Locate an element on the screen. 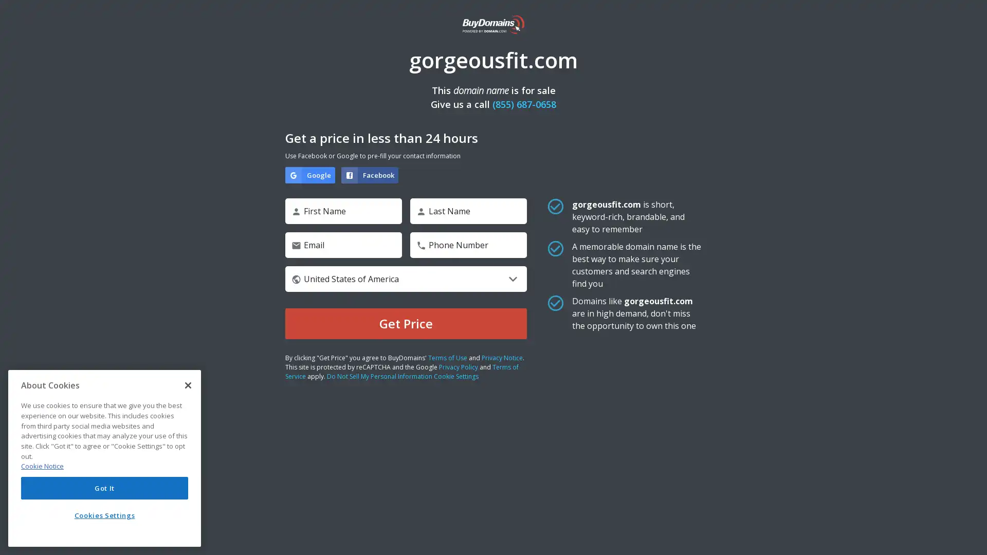 The width and height of the screenshot is (987, 555). Cookies Settings is located at coordinates (104, 515).